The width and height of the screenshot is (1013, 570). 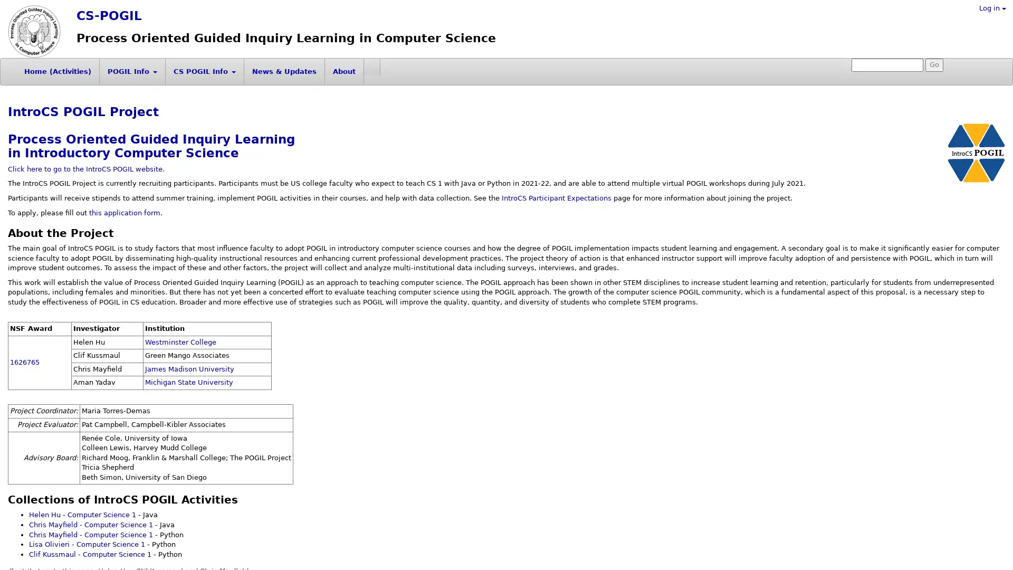 What do you see at coordinates (934, 65) in the screenshot?
I see `Go` at bounding box center [934, 65].